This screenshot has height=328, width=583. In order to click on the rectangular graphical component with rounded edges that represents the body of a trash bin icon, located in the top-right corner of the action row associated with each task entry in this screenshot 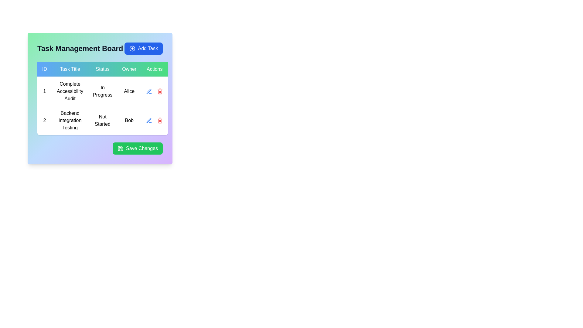, I will do `click(160, 121)`.